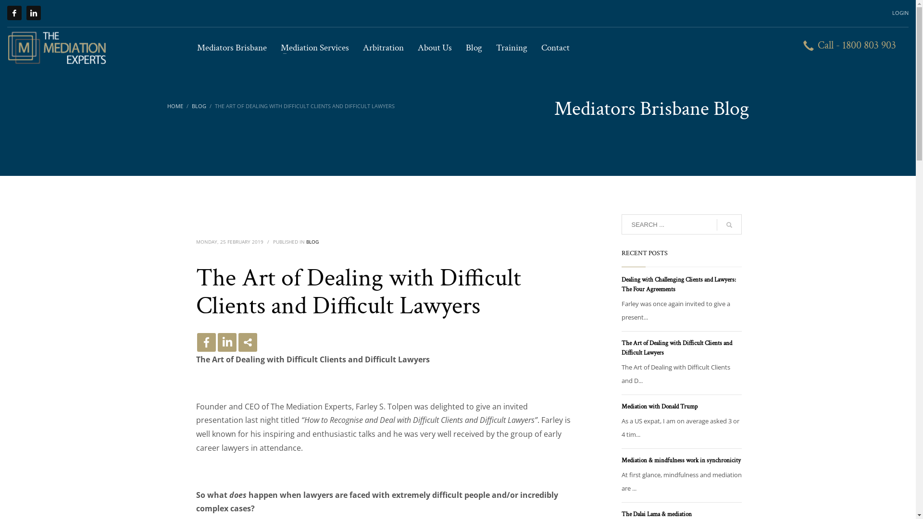  Describe the element at coordinates (412, 48) in the screenshot. I see `'About Us'` at that location.